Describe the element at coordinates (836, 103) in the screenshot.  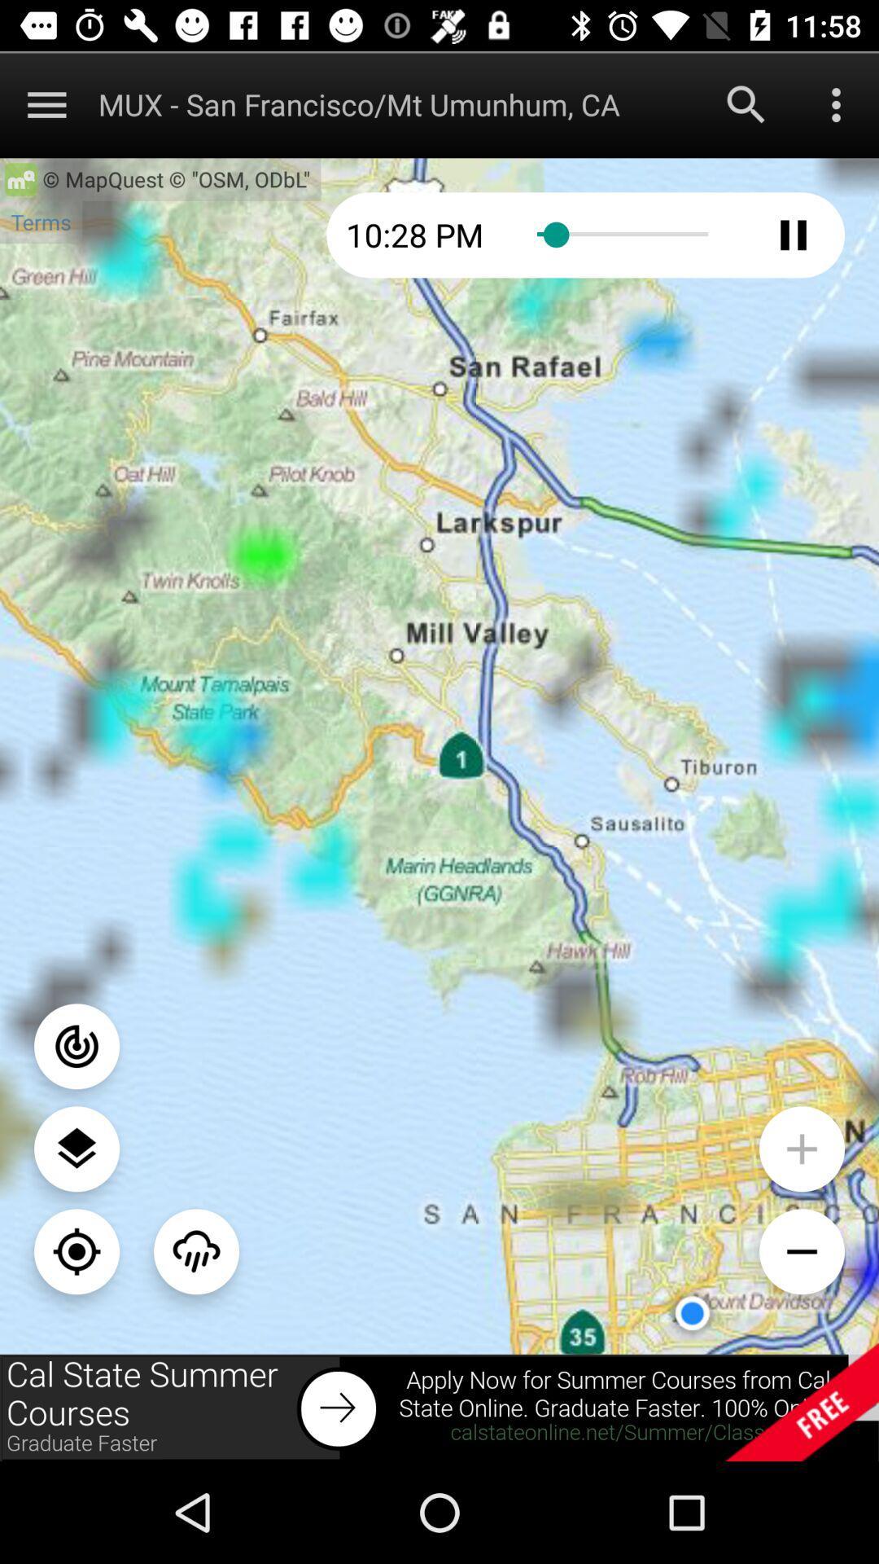
I see `more menu options` at that location.